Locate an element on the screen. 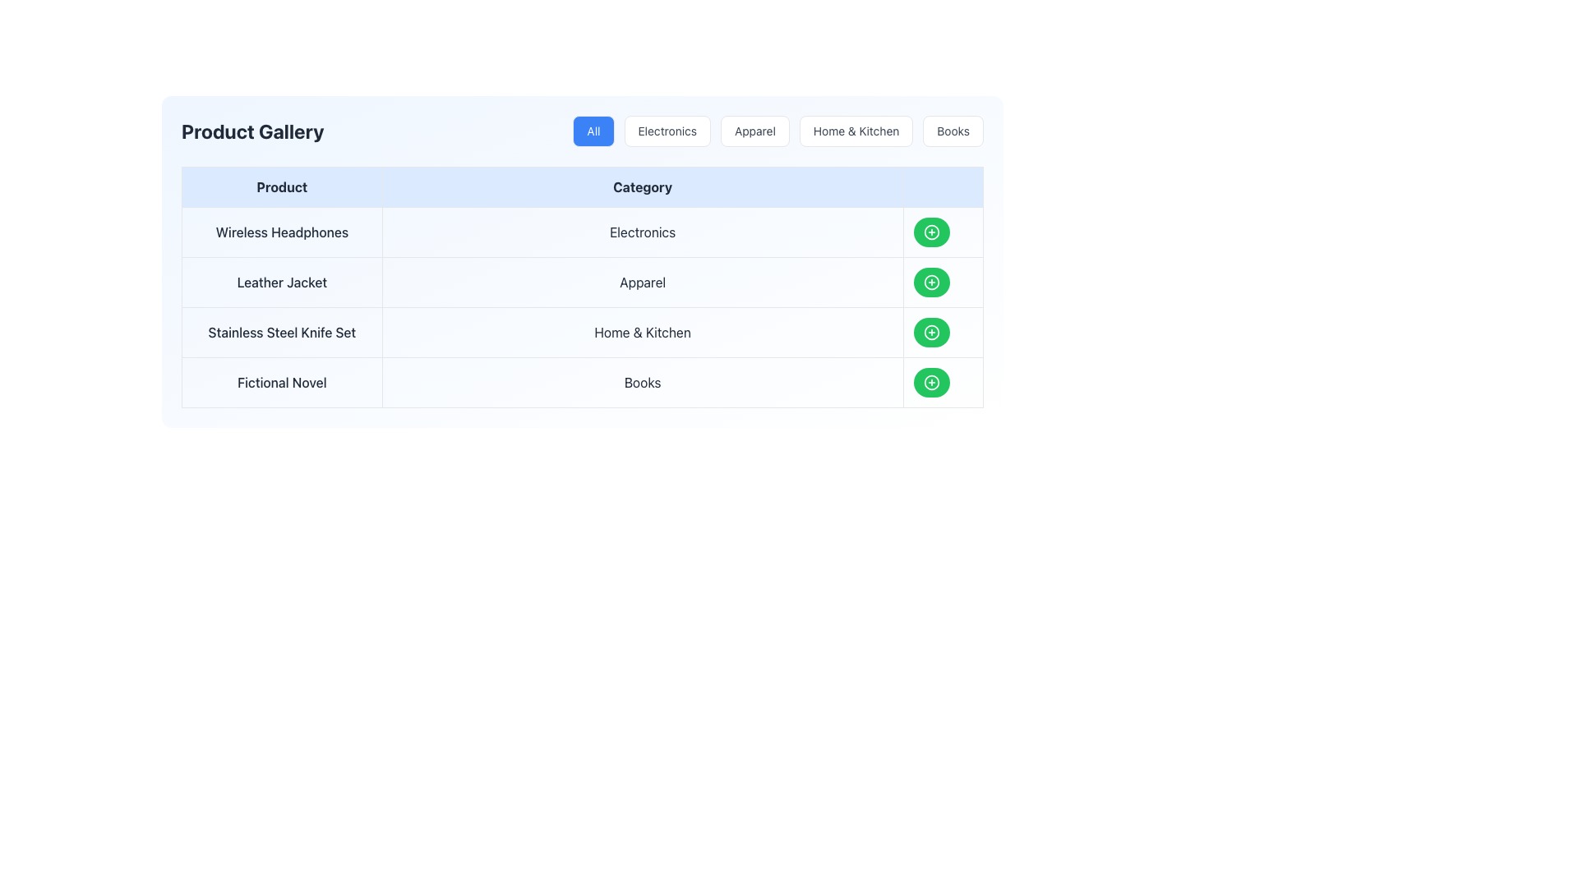 This screenshot has height=887, width=1578. the static text label displaying 'Apparel' in the 'Category' column of the table, which corresponds to the 'Leather Jacket' row is located at coordinates (642, 281).